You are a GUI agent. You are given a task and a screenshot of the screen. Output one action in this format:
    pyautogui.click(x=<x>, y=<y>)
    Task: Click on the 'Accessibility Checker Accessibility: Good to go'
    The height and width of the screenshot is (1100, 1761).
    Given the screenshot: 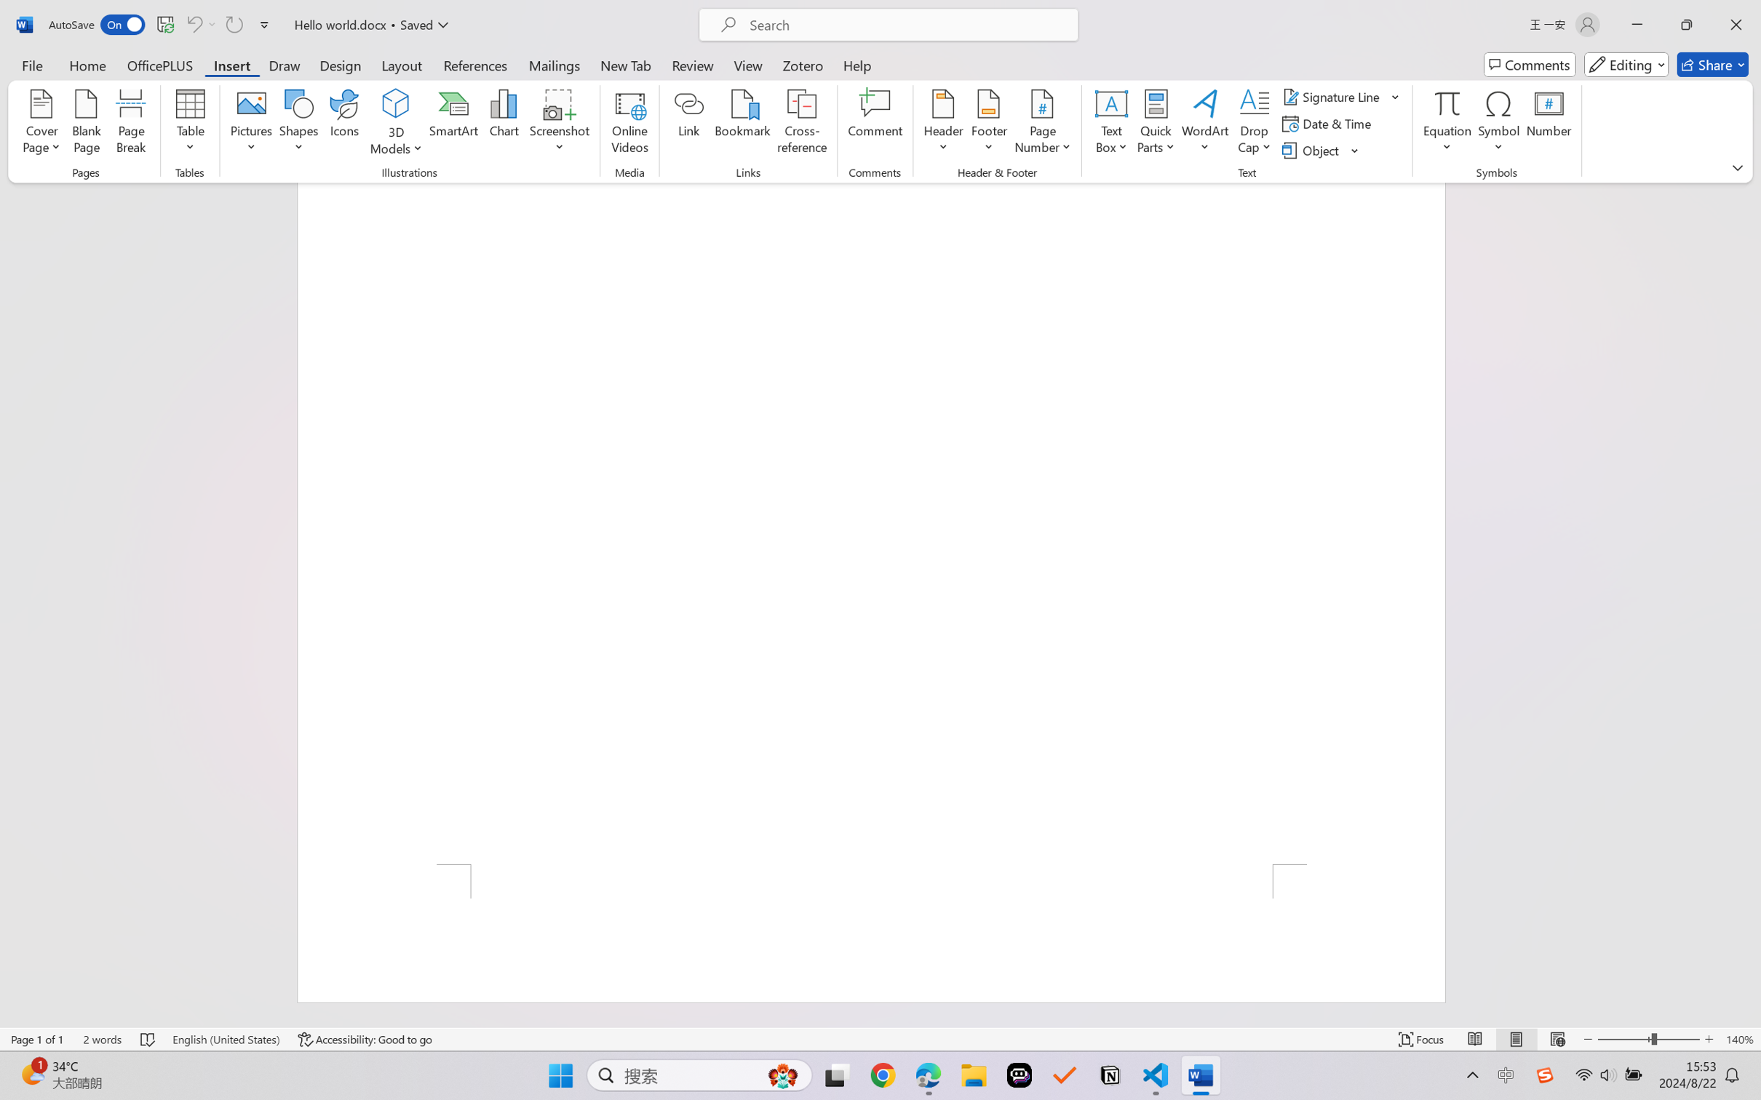 What is the action you would take?
    pyautogui.click(x=365, y=1039)
    